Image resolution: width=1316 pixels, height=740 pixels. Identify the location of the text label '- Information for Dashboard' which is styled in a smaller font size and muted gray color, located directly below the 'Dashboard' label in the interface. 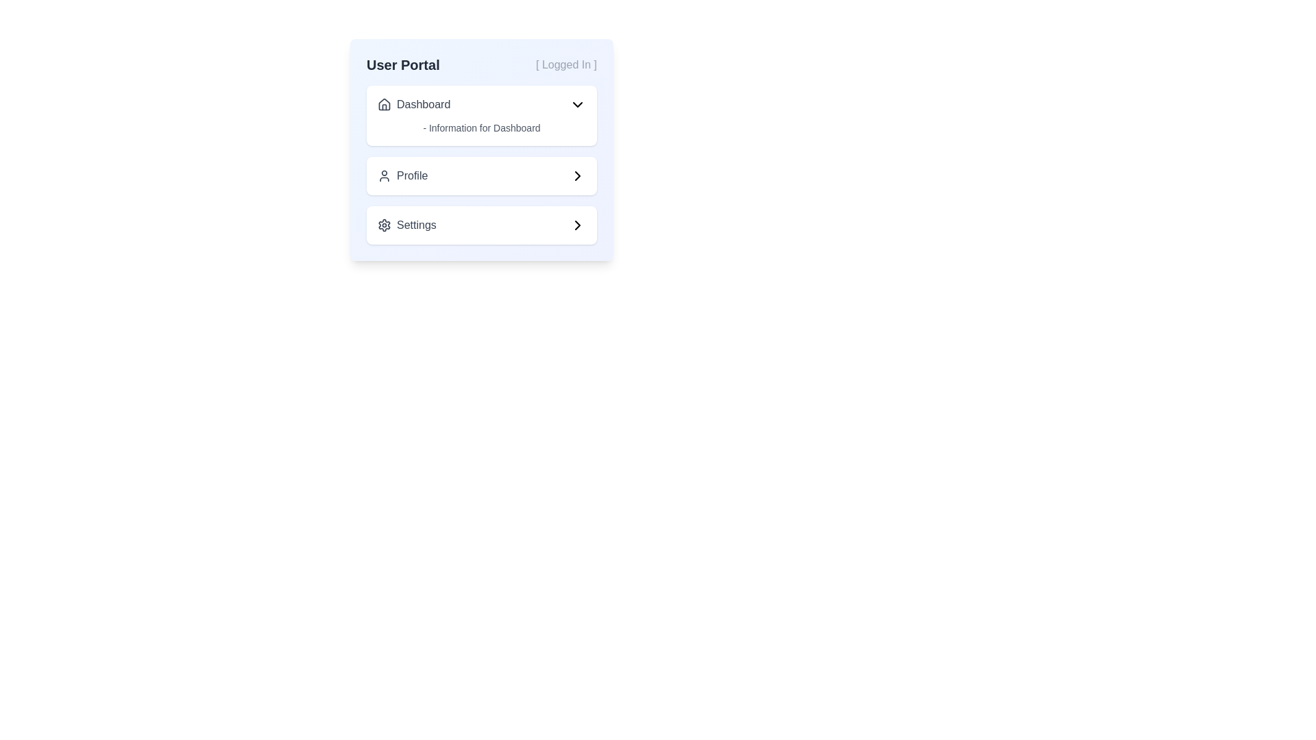
(481, 127).